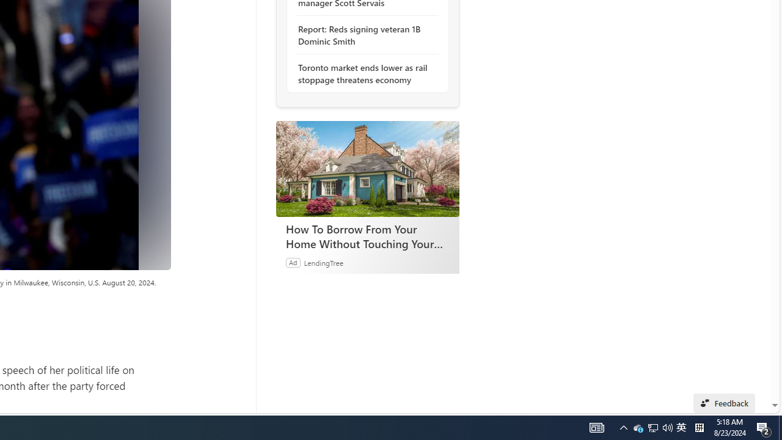  Describe the element at coordinates (780, 427) in the screenshot. I see `'Show desktop'` at that location.